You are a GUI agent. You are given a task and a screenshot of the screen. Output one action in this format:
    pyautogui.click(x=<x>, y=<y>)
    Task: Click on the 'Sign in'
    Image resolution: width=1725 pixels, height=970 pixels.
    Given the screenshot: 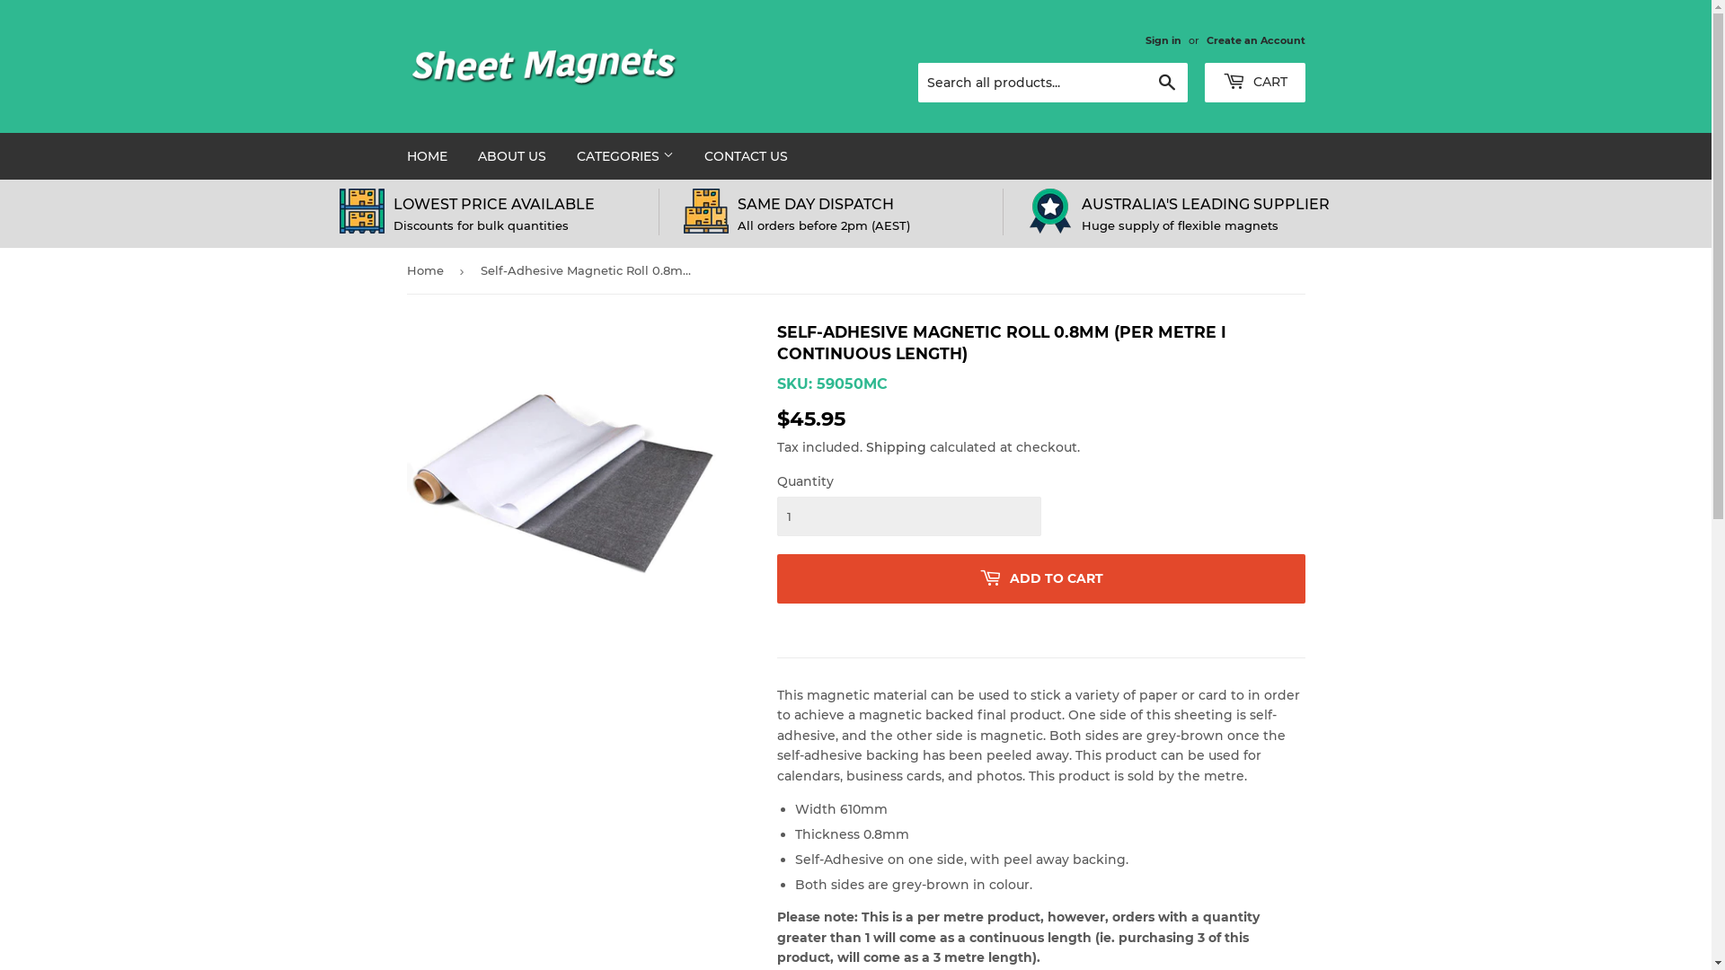 What is the action you would take?
    pyautogui.click(x=1163, y=40)
    